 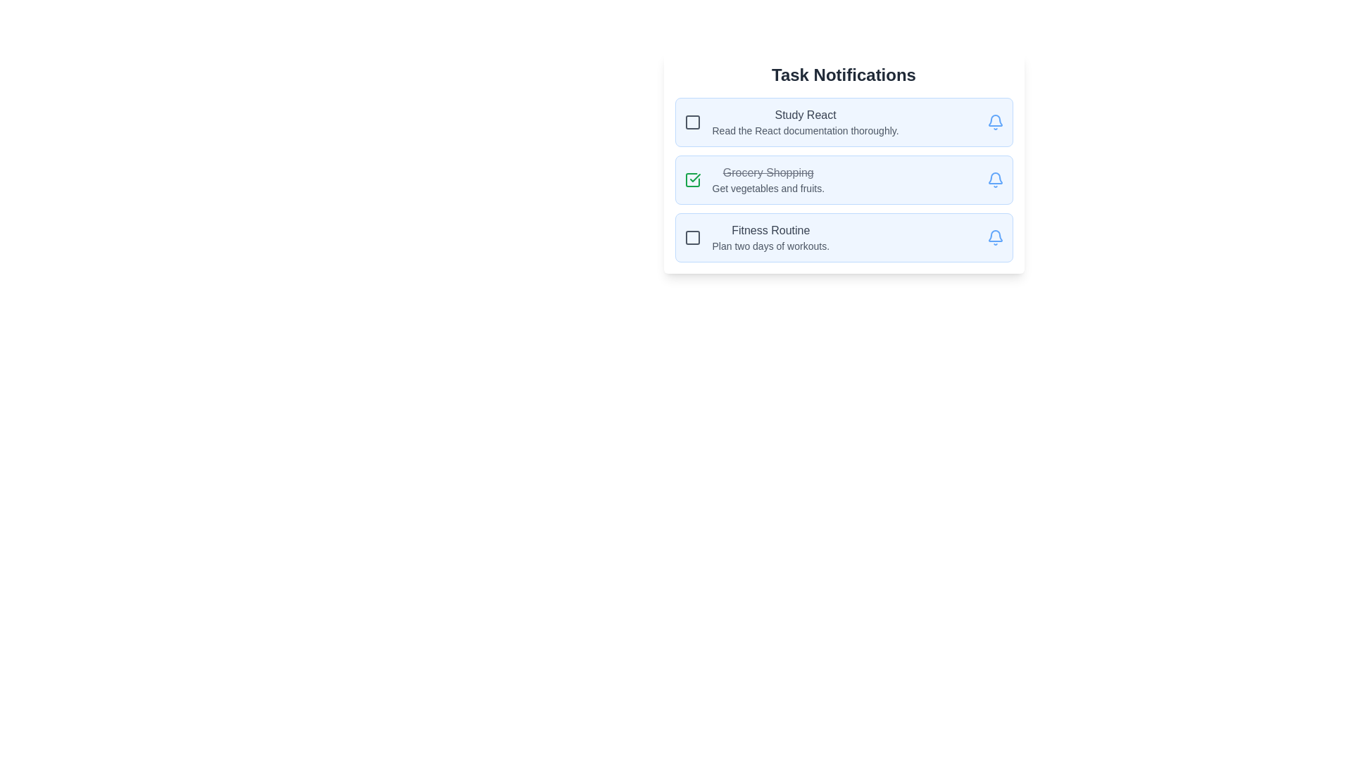 I want to click on the second task item in the task list under 'Task Notifications', so click(x=844, y=179).